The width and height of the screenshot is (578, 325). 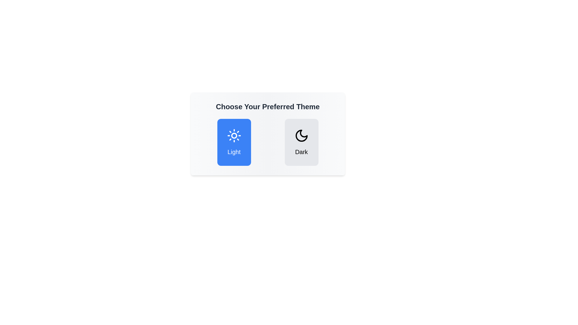 What do you see at coordinates (301, 142) in the screenshot?
I see `the Dark button to observe its hover effect` at bounding box center [301, 142].